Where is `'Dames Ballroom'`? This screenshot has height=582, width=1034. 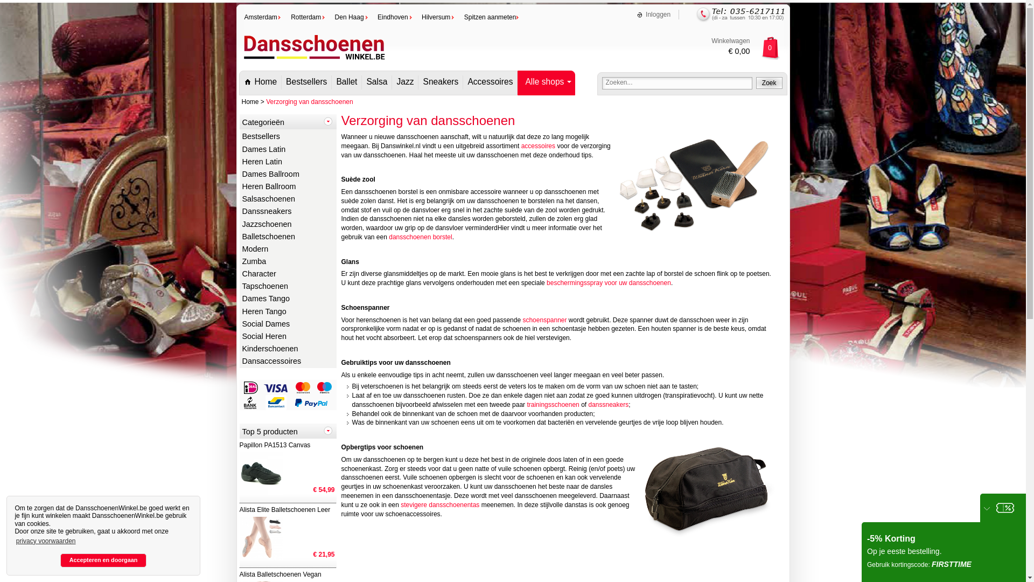 'Dames Ballroom' is located at coordinates (287, 174).